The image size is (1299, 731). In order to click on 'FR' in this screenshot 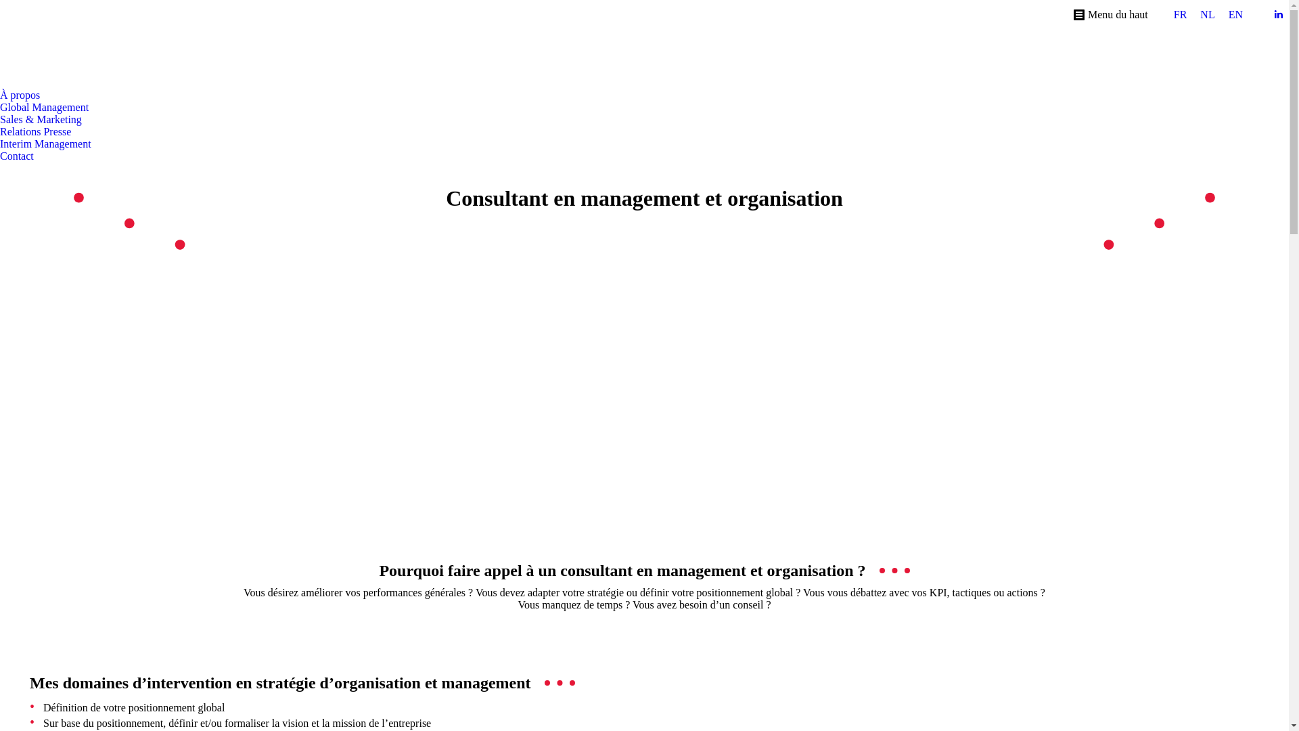, I will do `click(1166, 15)`.